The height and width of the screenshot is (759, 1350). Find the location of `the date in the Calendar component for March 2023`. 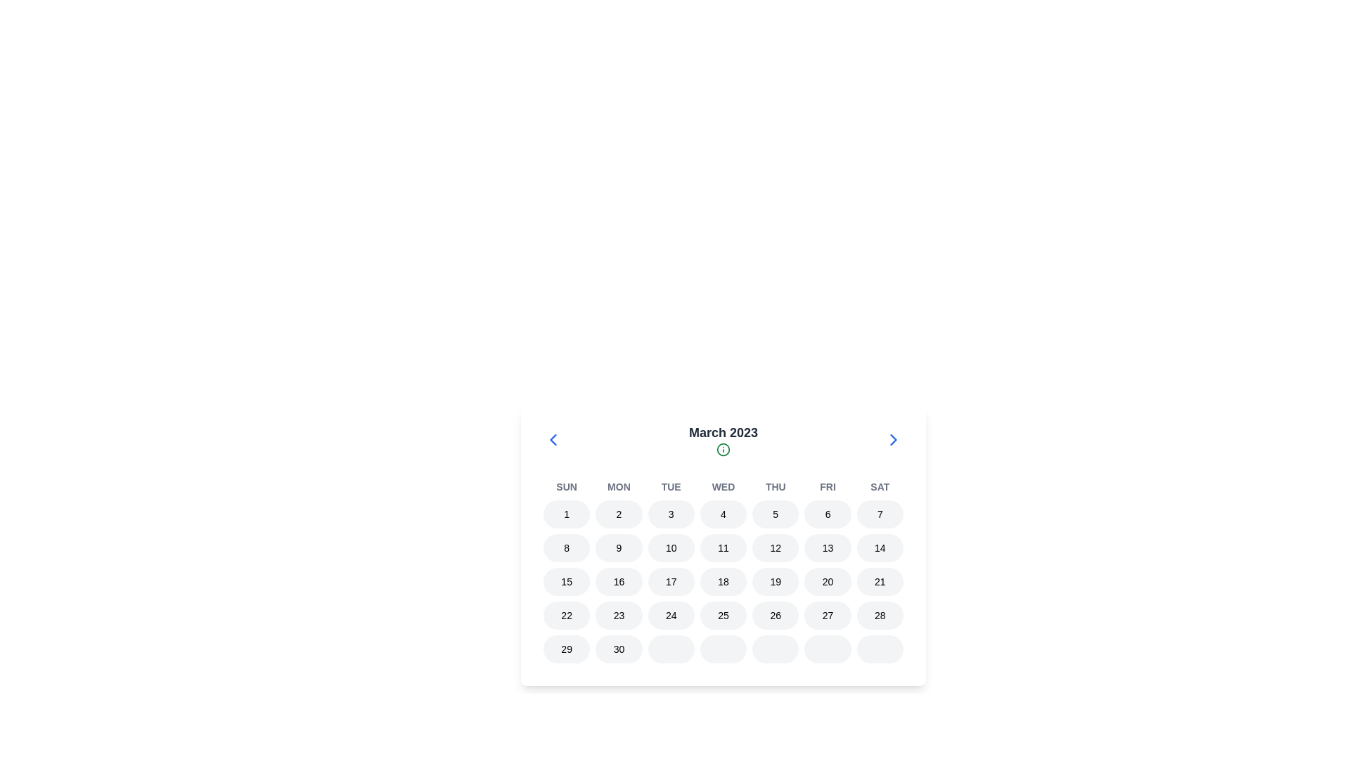

the date in the Calendar component for March 2023 is located at coordinates (723, 545).